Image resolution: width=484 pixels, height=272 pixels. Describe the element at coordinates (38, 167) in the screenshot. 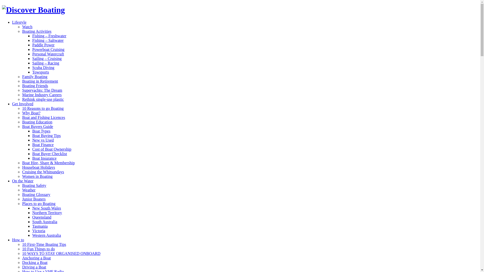

I see `'Houseboat Holidays'` at that location.